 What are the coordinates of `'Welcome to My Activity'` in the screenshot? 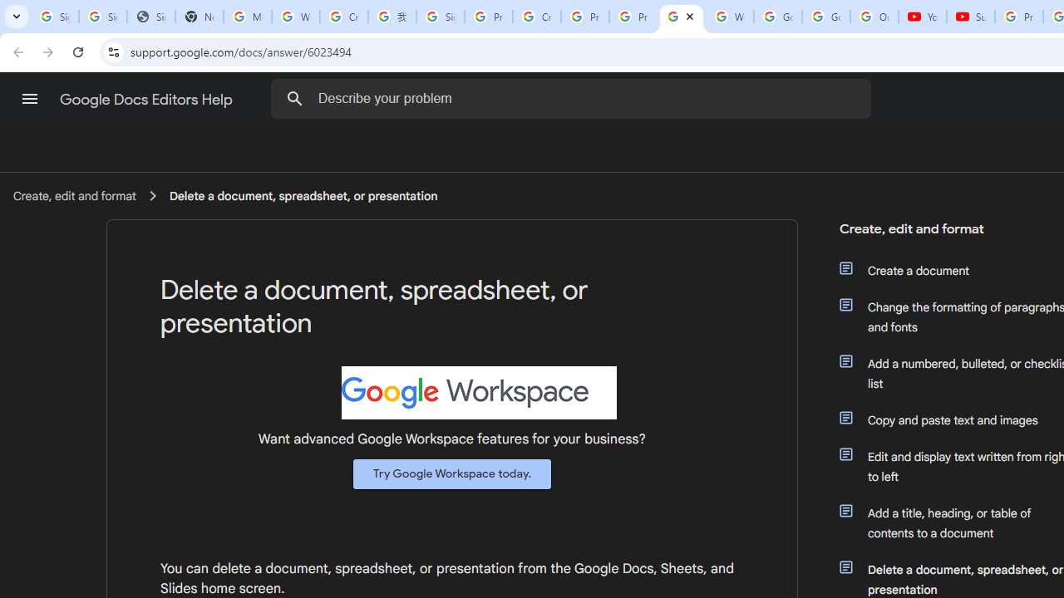 It's located at (730, 17).